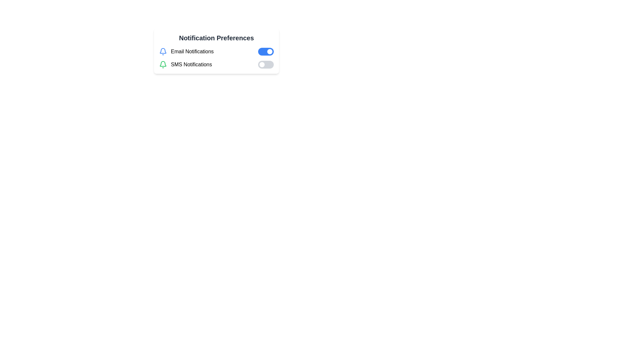  I want to click on the 'Email Notifications' icon represented by a bell symbol, so click(163, 51).